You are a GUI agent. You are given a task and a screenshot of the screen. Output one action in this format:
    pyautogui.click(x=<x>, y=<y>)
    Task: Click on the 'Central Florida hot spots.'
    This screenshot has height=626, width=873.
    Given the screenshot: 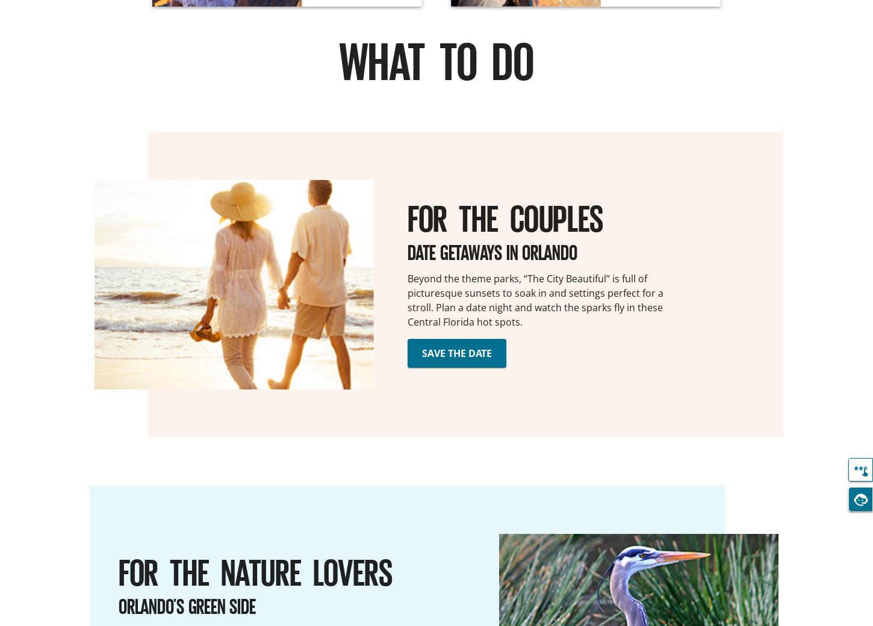 What is the action you would take?
    pyautogui.click(x=465, y=321)
    